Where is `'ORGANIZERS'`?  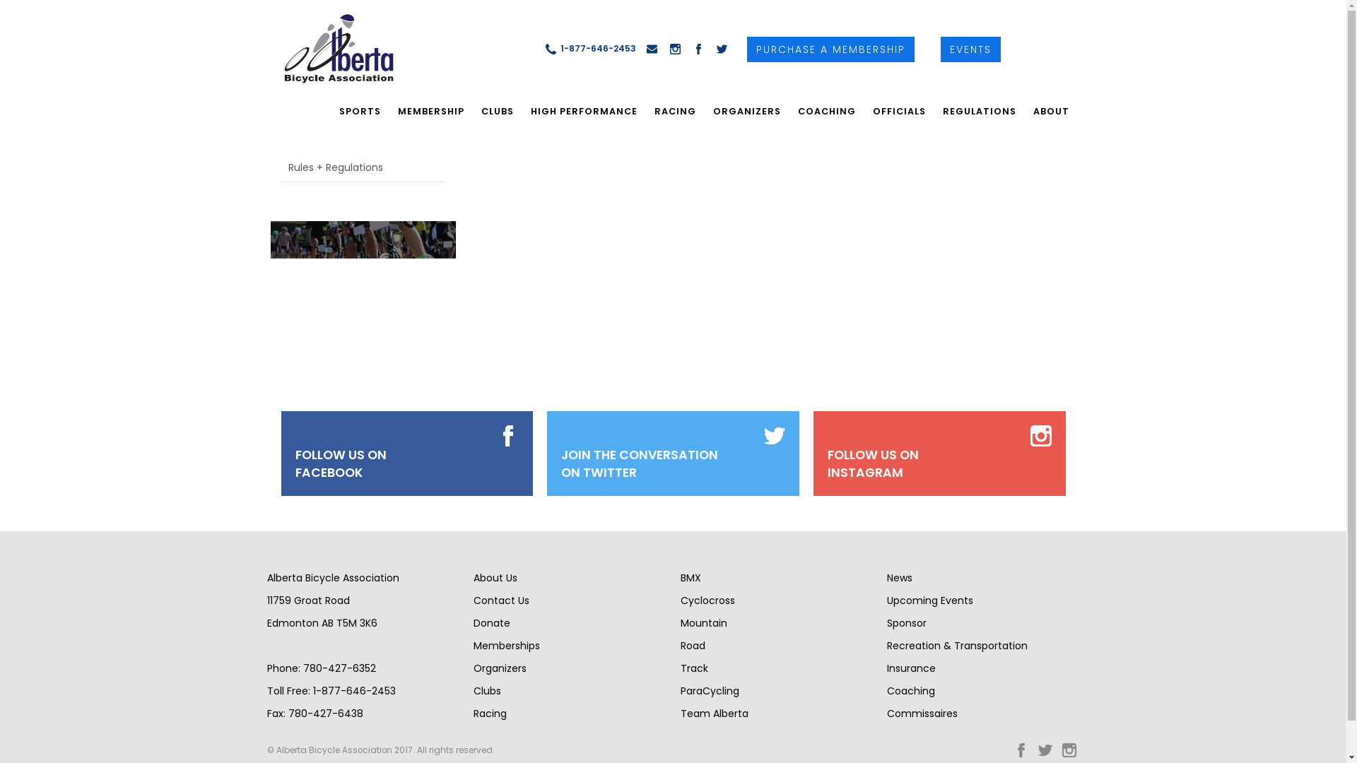 'ORGANIZERS' is located at coordinates (746, 111).